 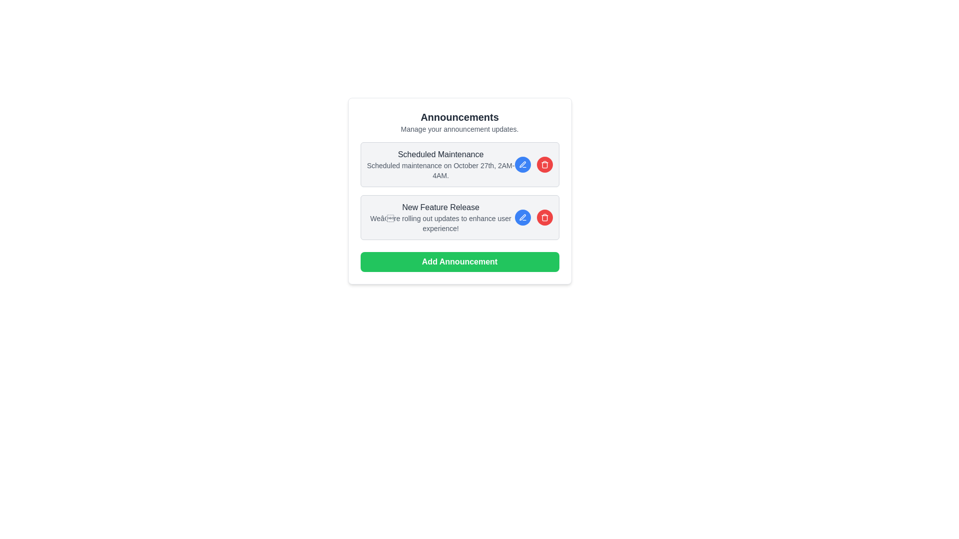 What do you see at coordinates (522, 164) in the screenshot?
I see `the edit button located to the left of the red circular trash icon in the controls for the 'Scheduled Maintenance' announcement to initiate editing` at bounding box center [522, 164].